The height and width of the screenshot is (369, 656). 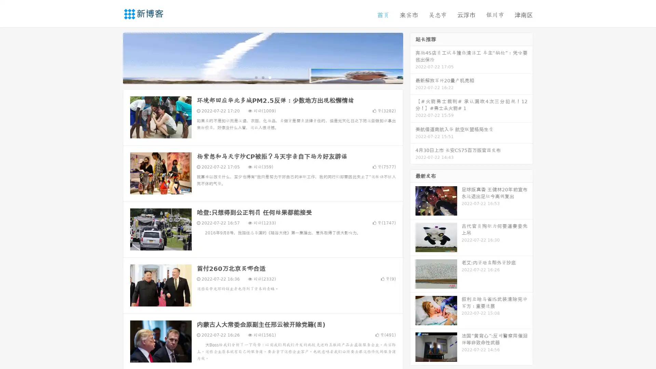 I want to click on Previous slide, so click(x=113, y=57).